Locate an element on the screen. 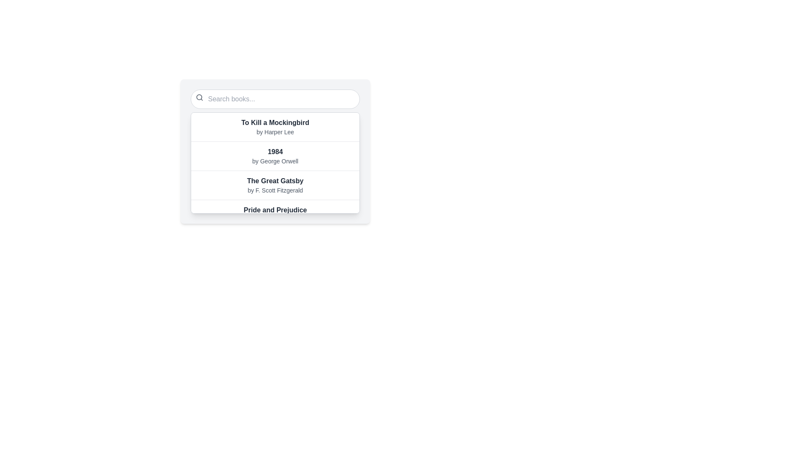 The height and width of the screenshot is (456, 812). the first item in the list of book suggestions is located at coordinates (275, 127).